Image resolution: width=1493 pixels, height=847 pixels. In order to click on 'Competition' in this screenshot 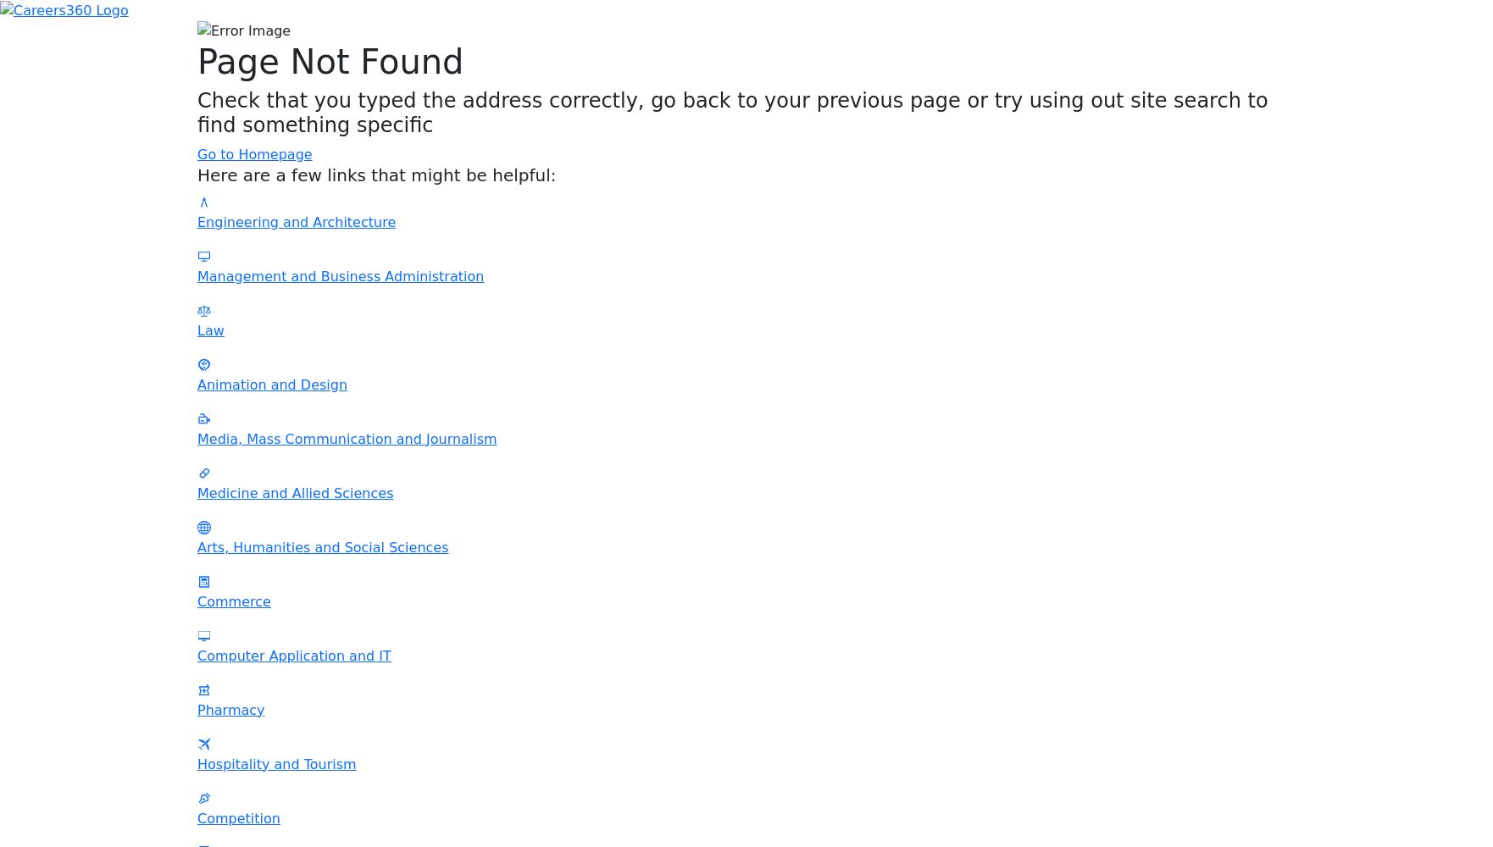, I will do `click(238, 817)`.